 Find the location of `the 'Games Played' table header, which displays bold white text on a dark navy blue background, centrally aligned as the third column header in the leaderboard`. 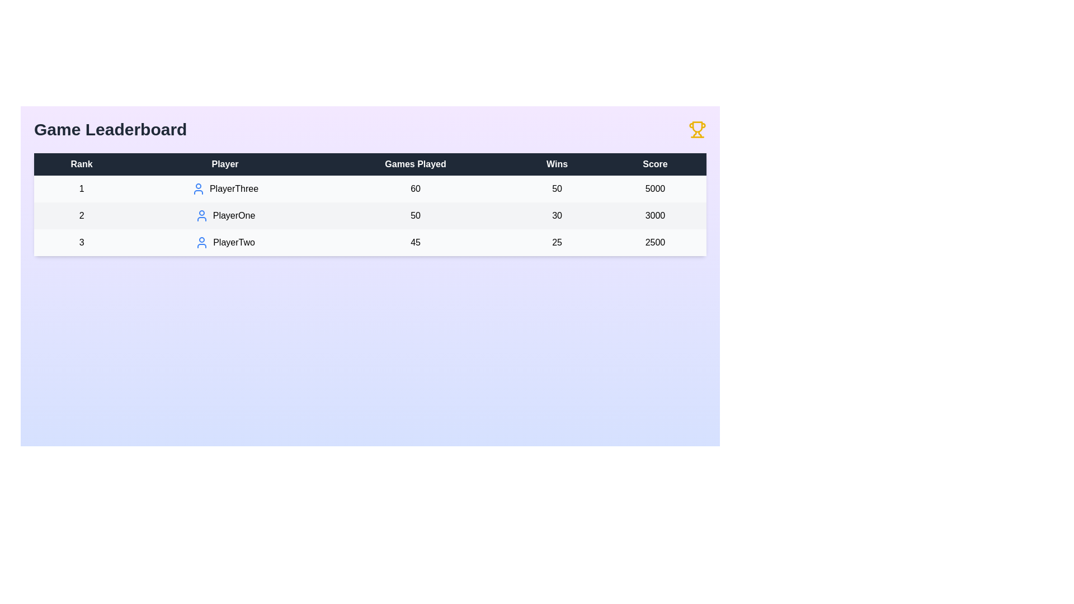

the 'Games Played' table header, which displays bold white text on a dark navy blue background, centrally aligned as the third column header in the leaderboard is located at coordinates (415, 164).